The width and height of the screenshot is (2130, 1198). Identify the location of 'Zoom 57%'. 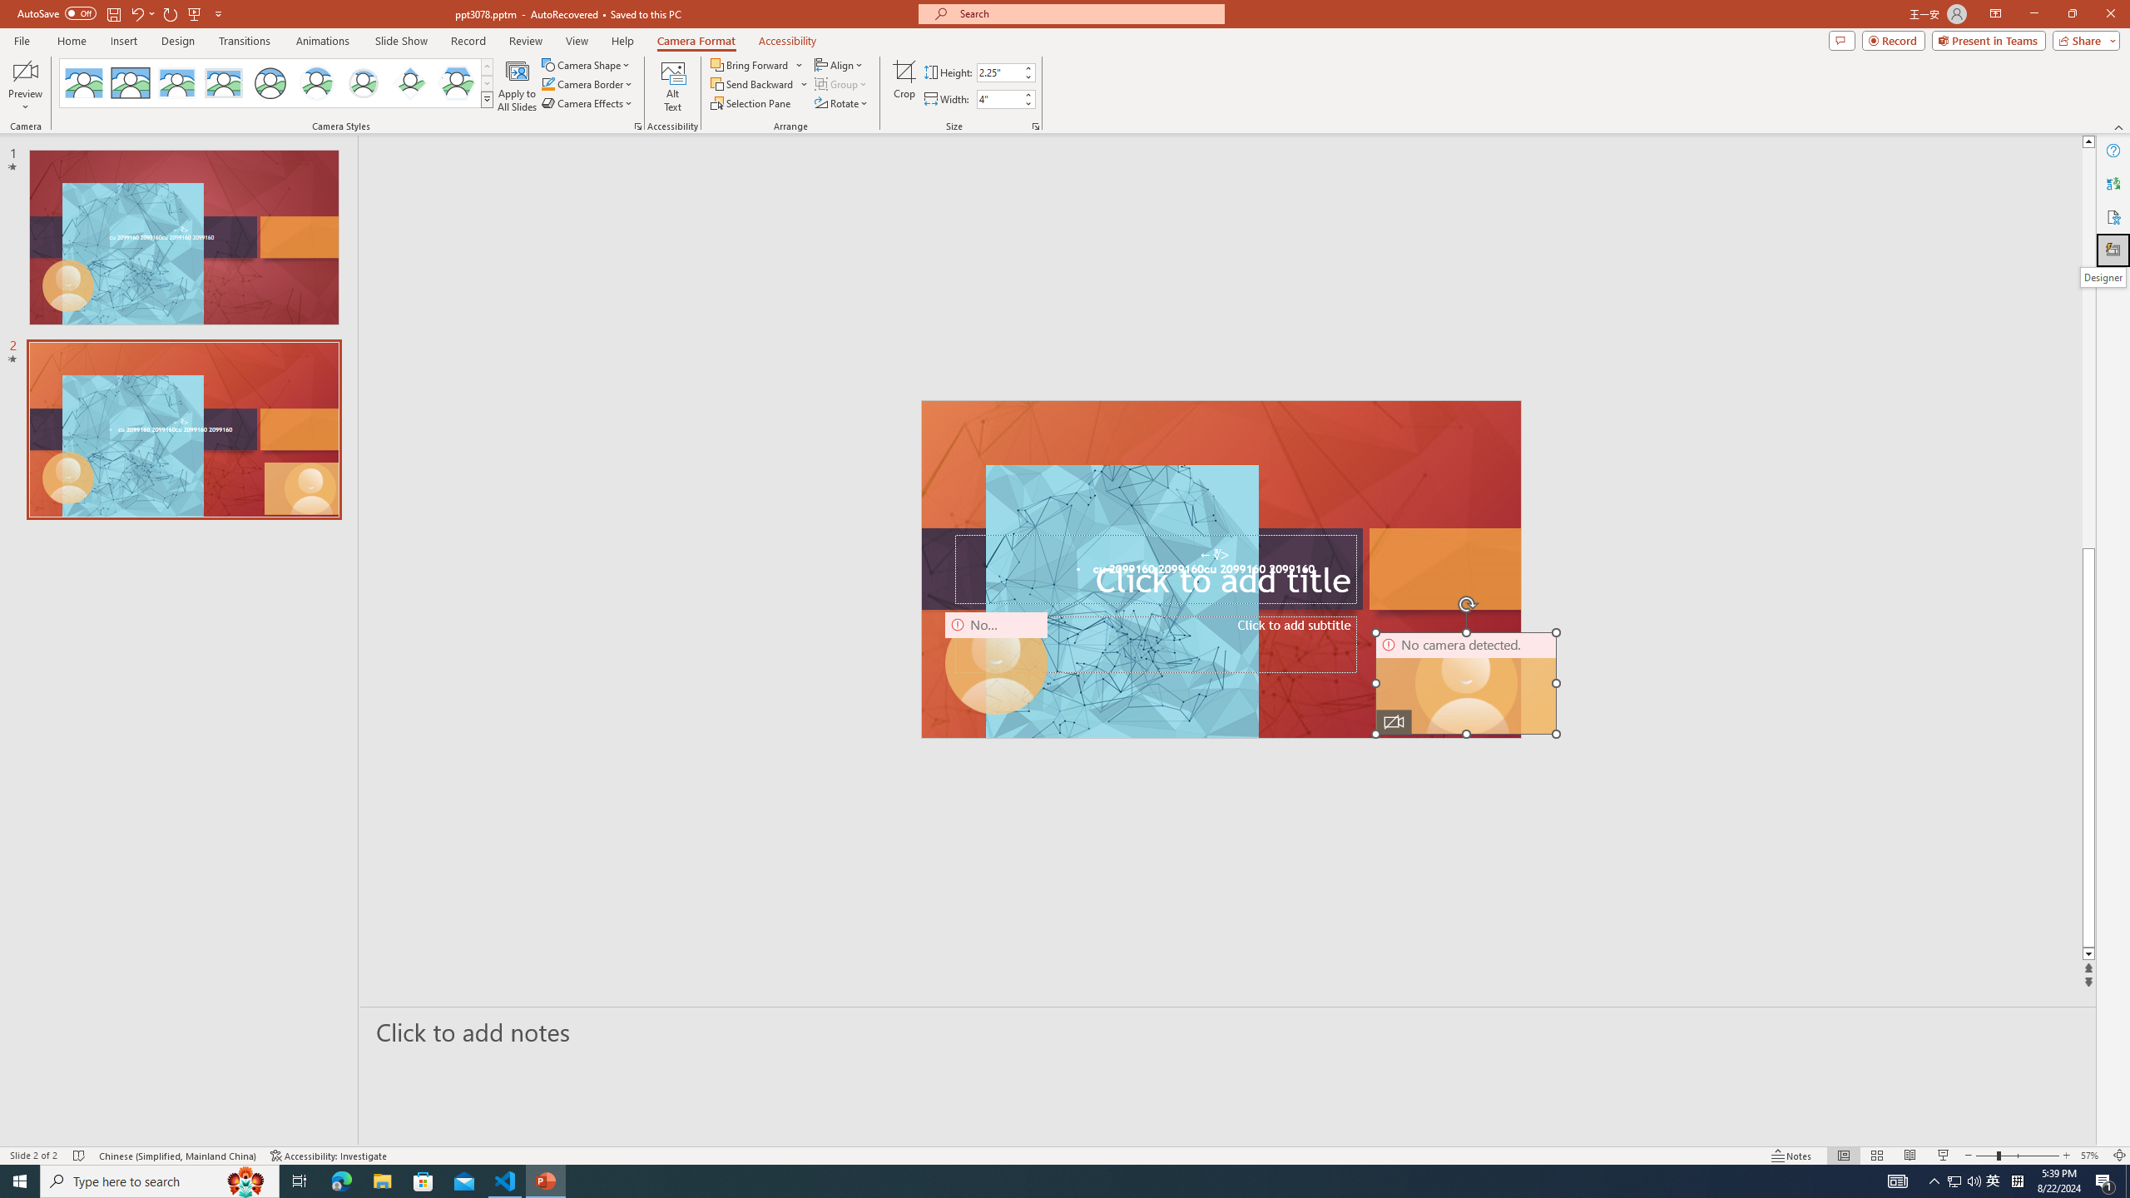
(2093, 1156).